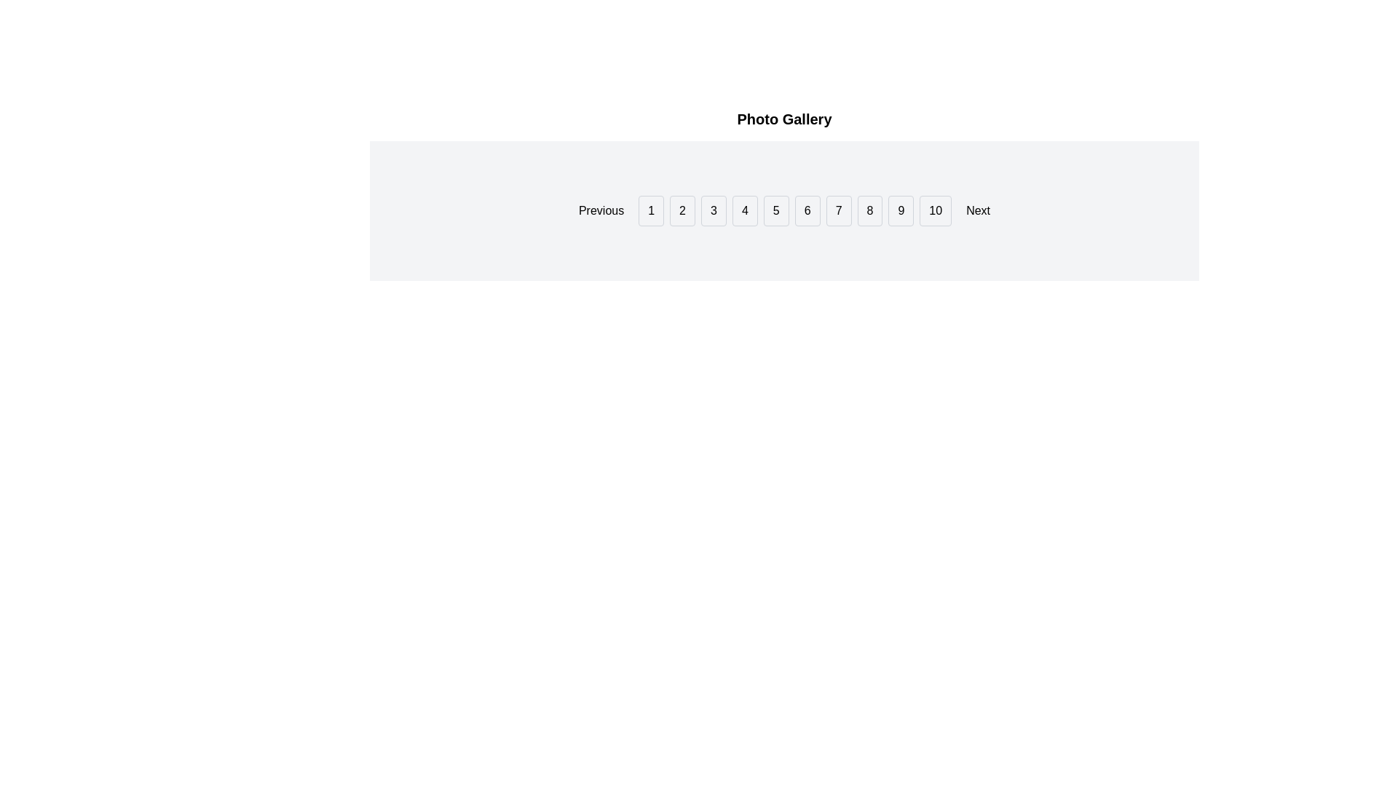 Image resolution: width=1398 pixels, height=786 pixels. Describe the element at coordinates (978, 210) in the screenshot. I see `the navigation button located to the right of the button labeled '10' in the pagination bar` at that location.